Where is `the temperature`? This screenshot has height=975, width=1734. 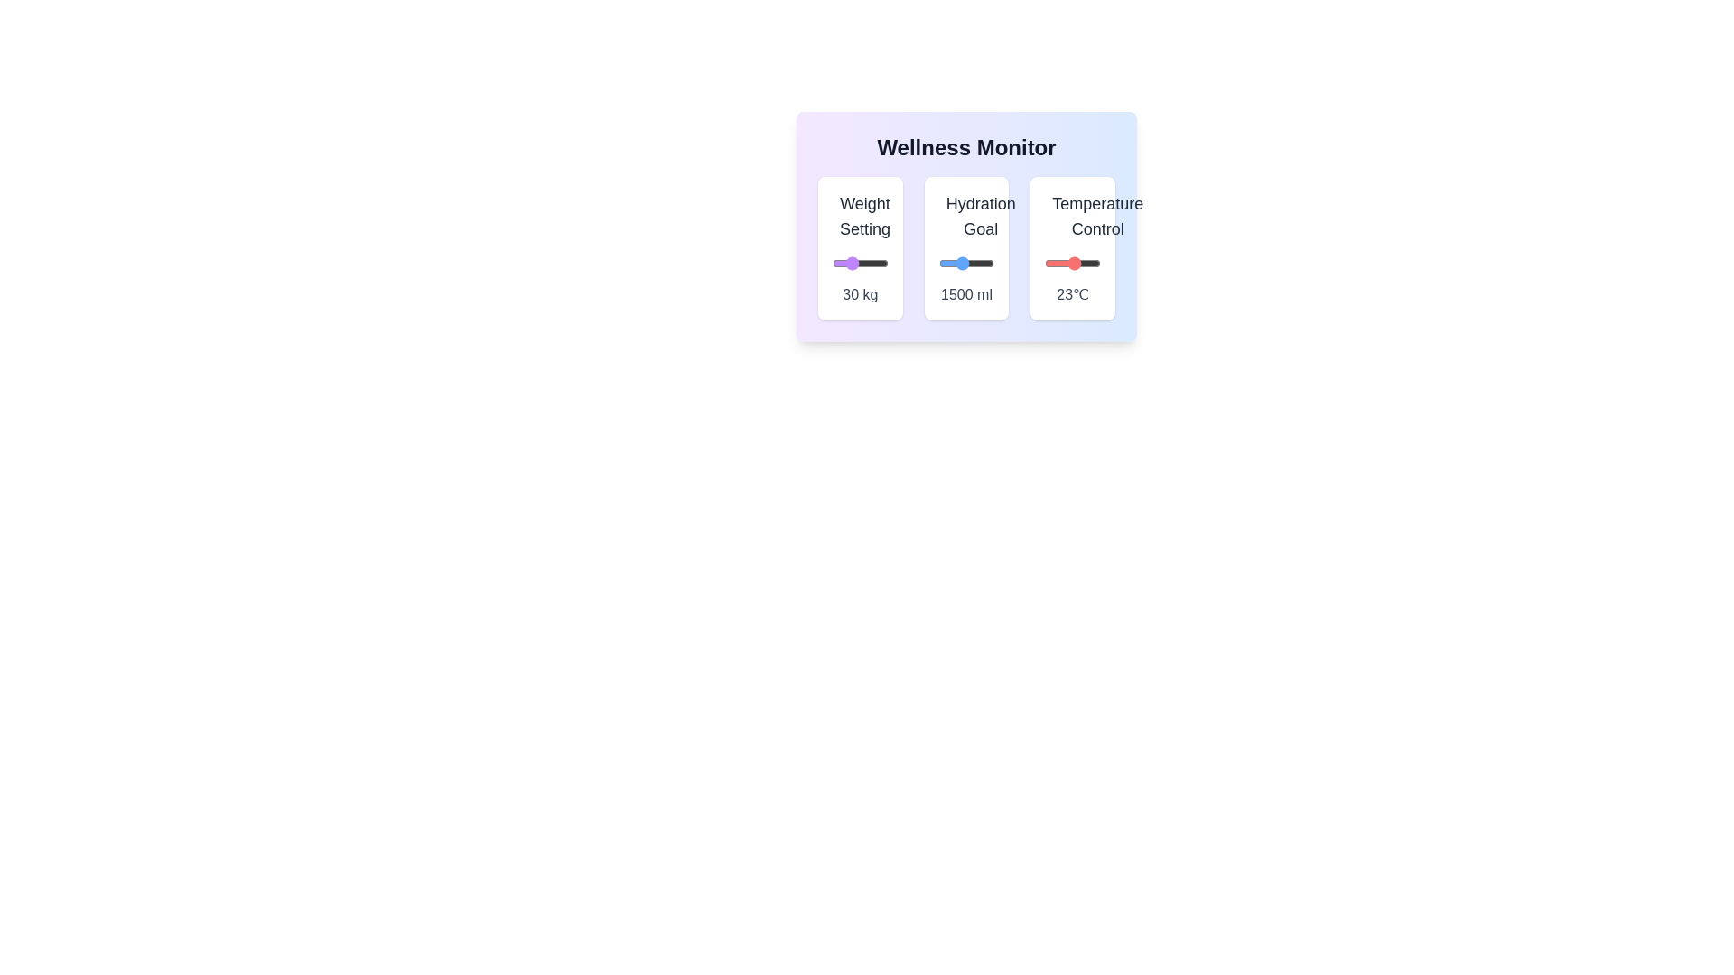 the temperature is located at coordinates (1053, 264).